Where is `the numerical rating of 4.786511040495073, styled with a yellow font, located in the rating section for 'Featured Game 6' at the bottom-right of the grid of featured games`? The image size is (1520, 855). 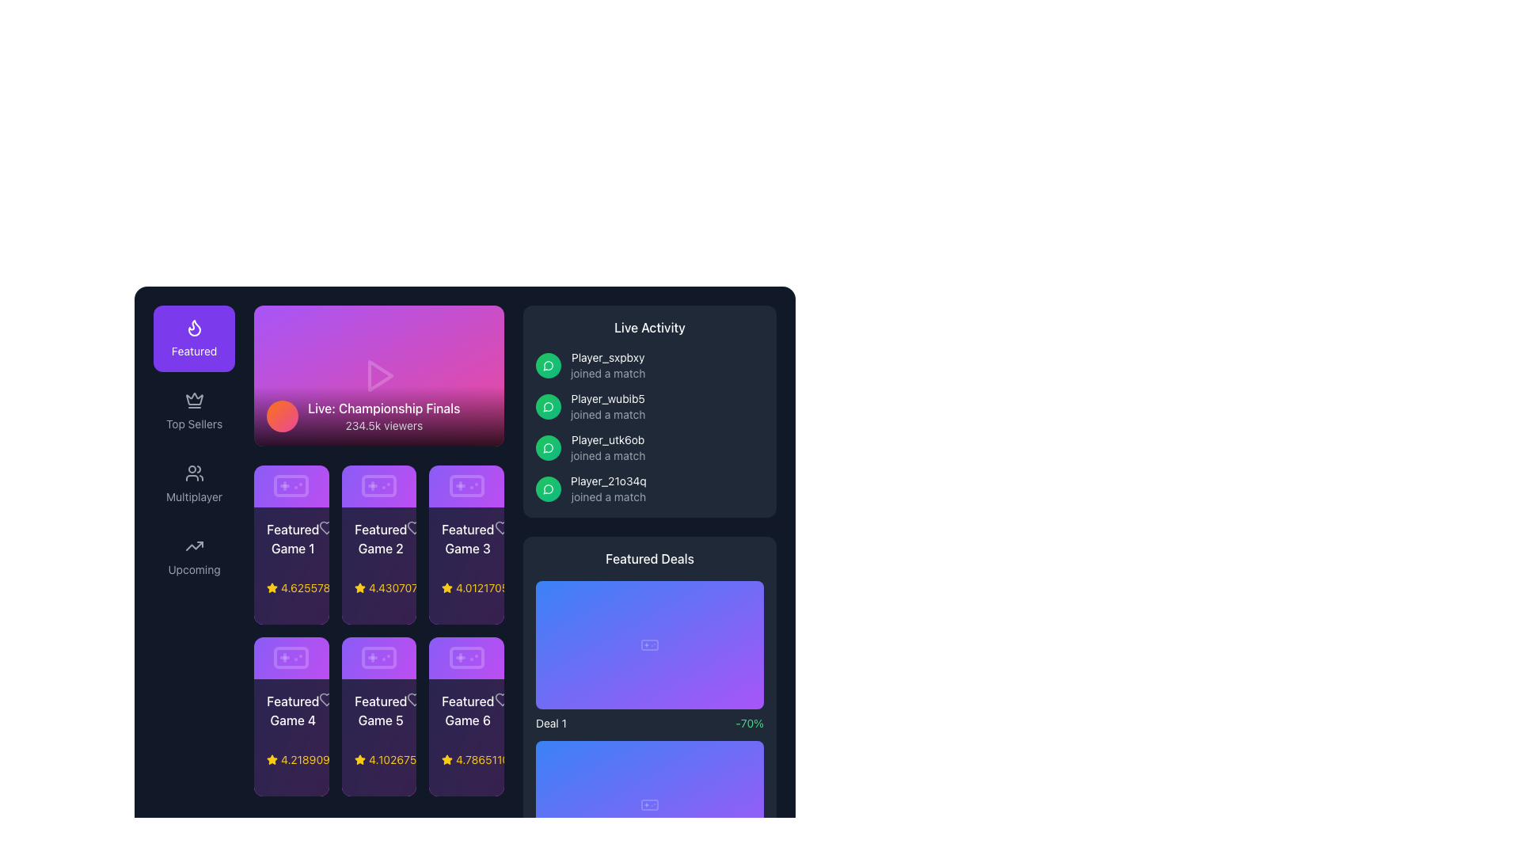 the numerical rating of 4.786511040495073, styled with a yellow font, located in the rating section for 'Featured Game 6' at the bottom-right of the grid of featured games is located at coordinates (509, 759).